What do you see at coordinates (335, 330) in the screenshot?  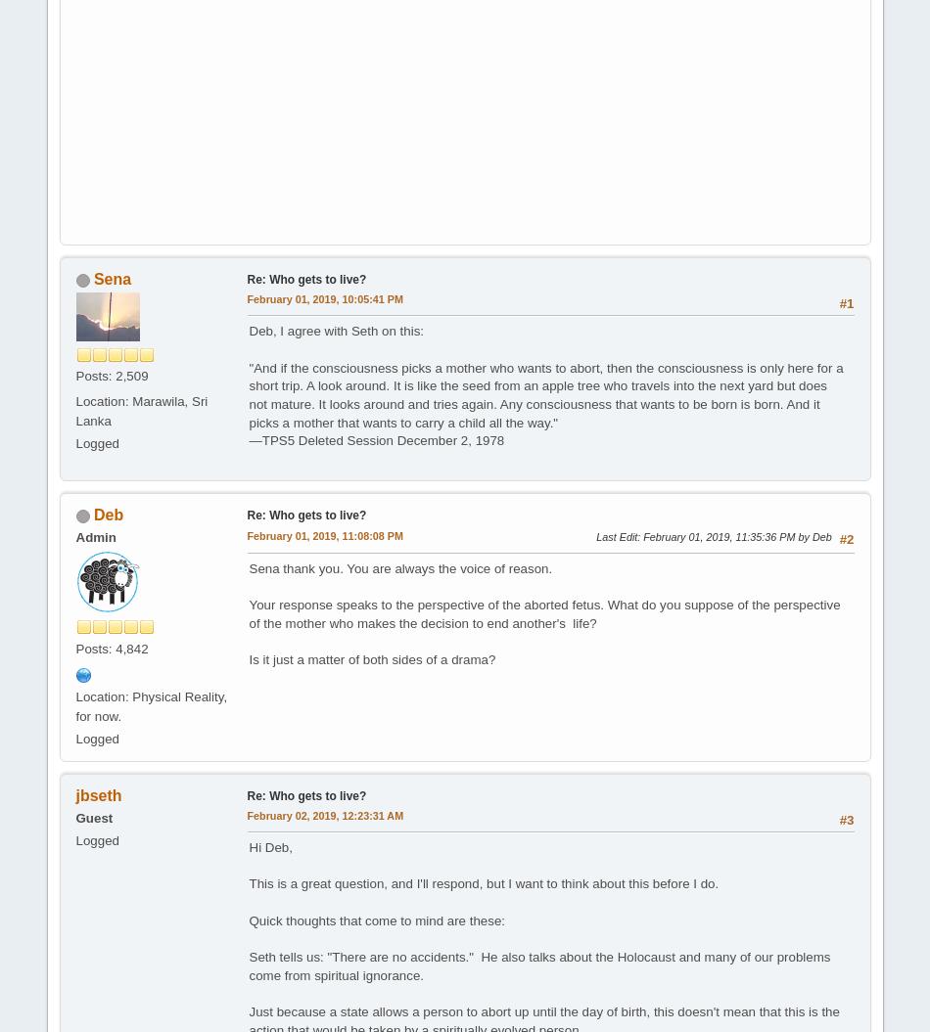 I see `'Deb, I agree with Seth on this:'` at bounding box center [335, 330].